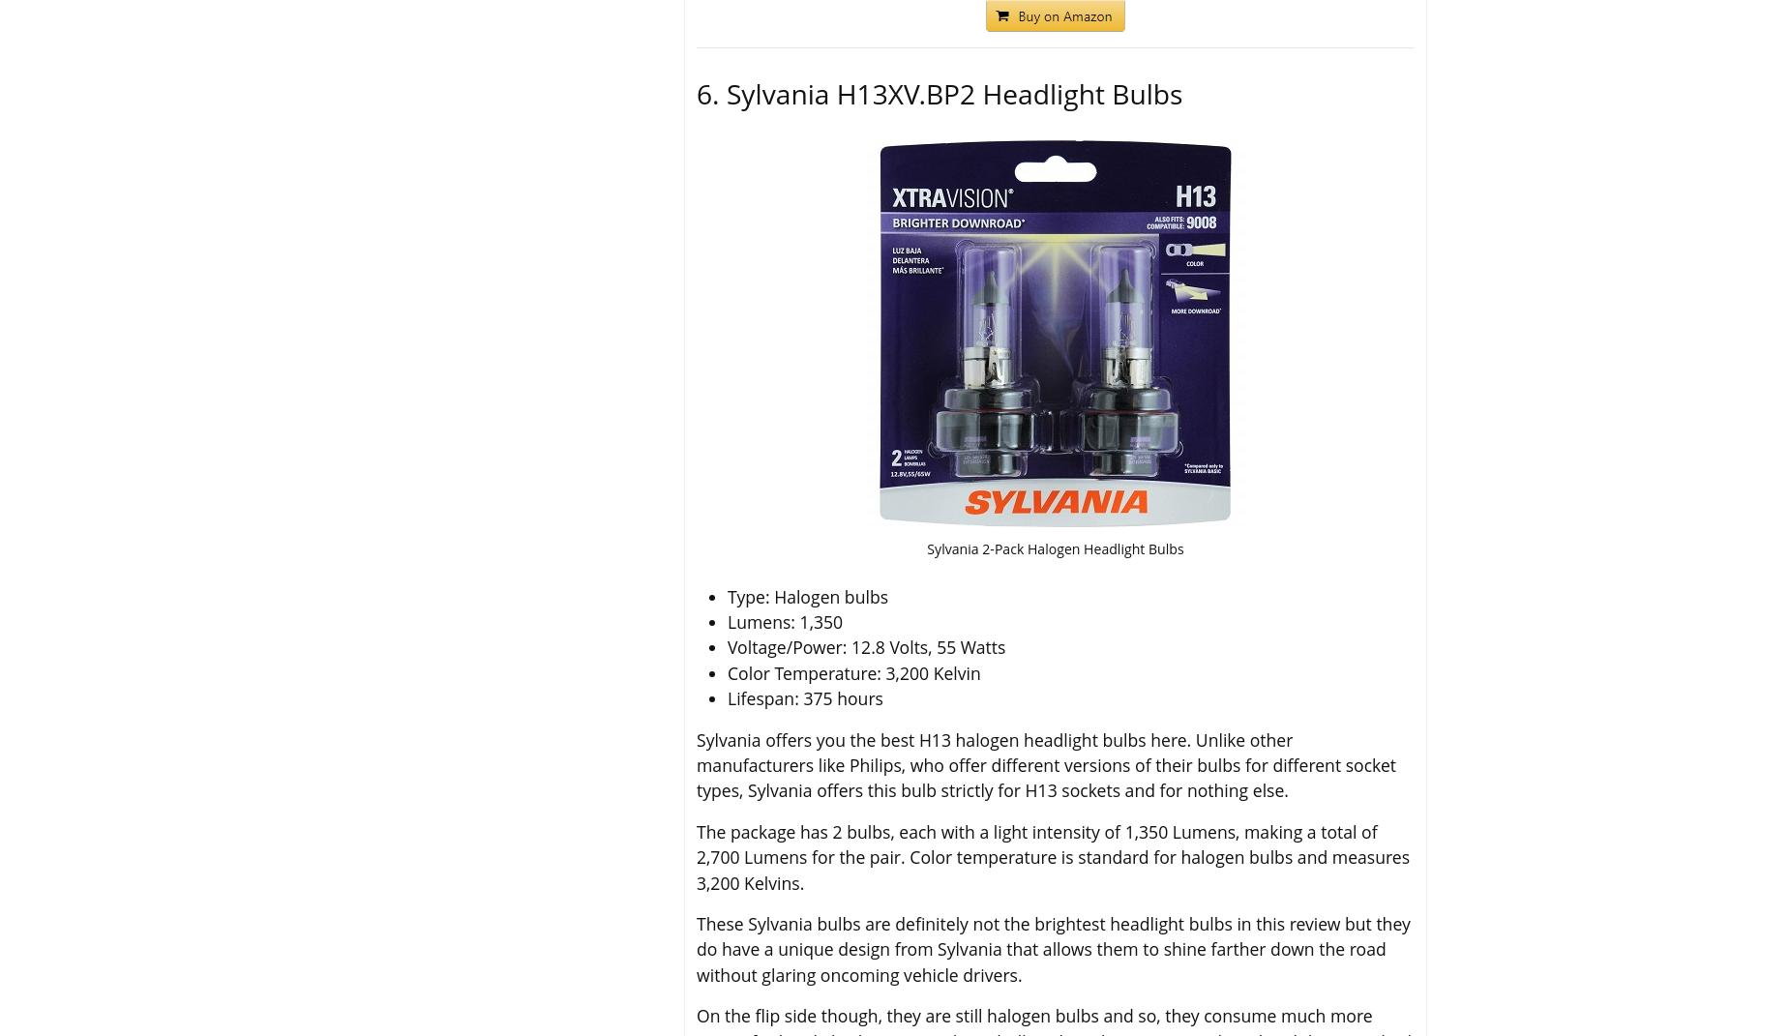 The height and width of the screenshot is (1036, 1790). What do you see at coordinates (866, 645) in the screenshot?
I see `'Voltage/Power: 12.8 Volts, 55 Watts'` at bounding box center [866, 645].